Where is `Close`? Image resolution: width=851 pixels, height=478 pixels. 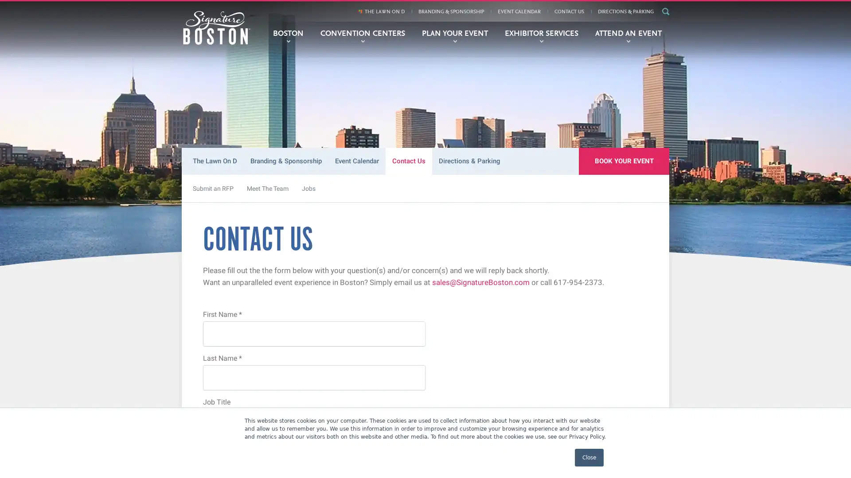 Close is located at coordinates (589, 457).